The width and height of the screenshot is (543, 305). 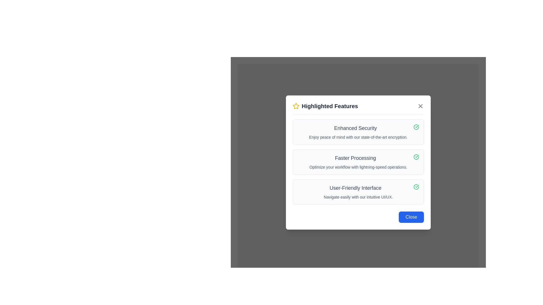 What do you see at coordinates (358, 162) in the screenshot?
I see `the informative card titled 'Faster Processing', which is the second item in a vertical list within a modal dialog, containing a green checkmark icon and a description text` at bounding box center [358, 162].